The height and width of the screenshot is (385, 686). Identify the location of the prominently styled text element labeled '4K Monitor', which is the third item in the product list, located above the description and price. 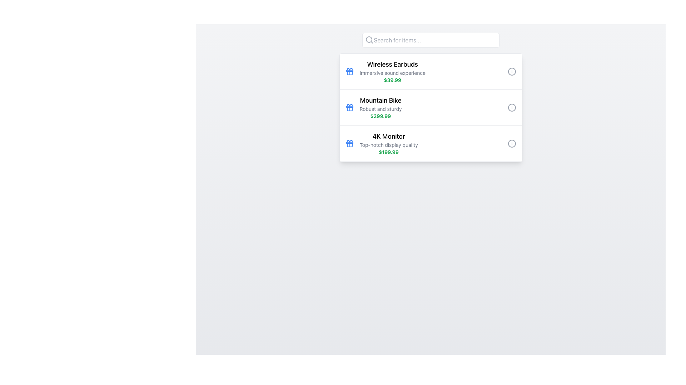
(388, 136).